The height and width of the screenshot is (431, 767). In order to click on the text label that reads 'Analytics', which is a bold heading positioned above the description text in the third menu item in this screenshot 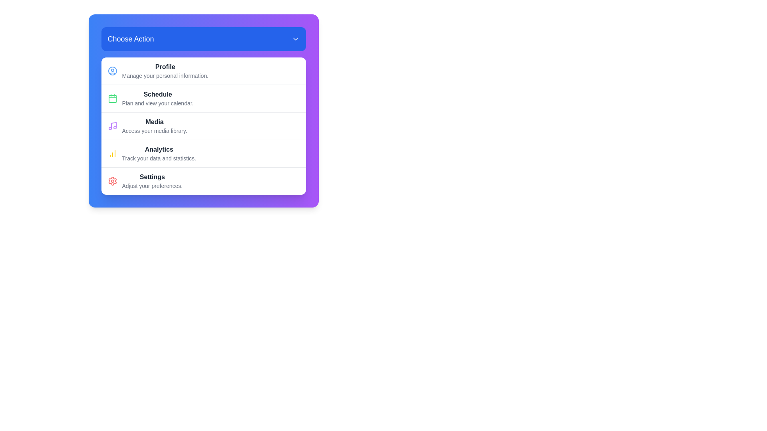, I will do `click(159, 149)`.